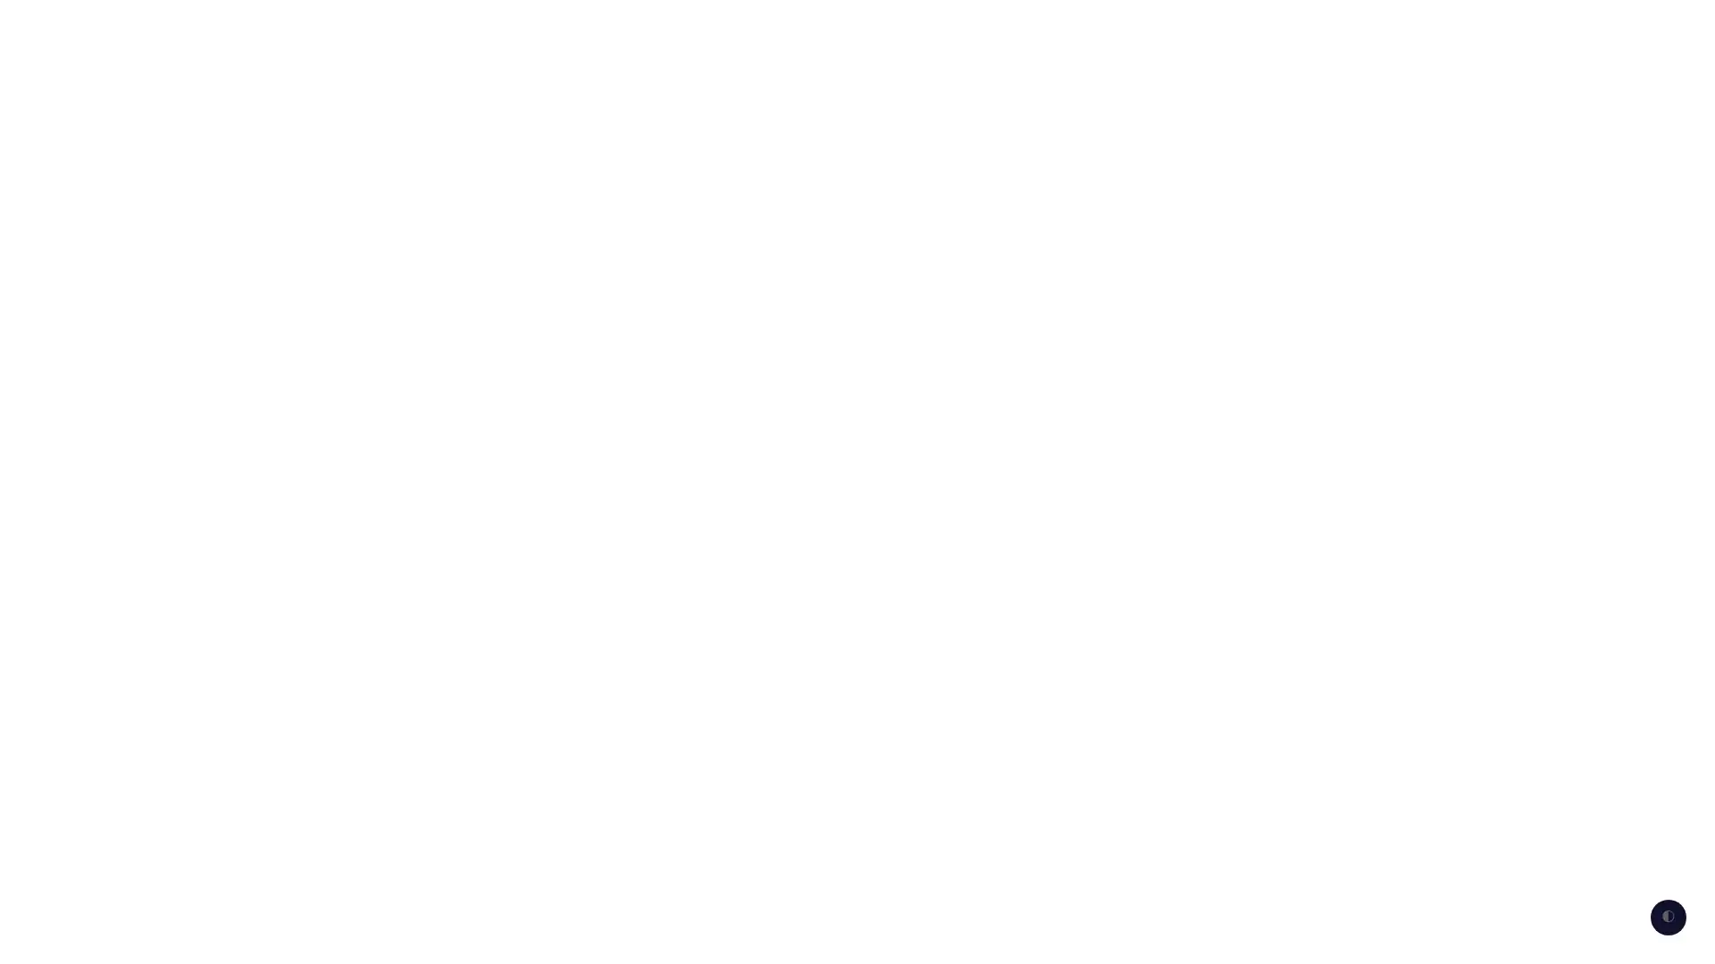 The width and height of the screenshot is (1715, 964). I want to click on About, so click(1513, 27).